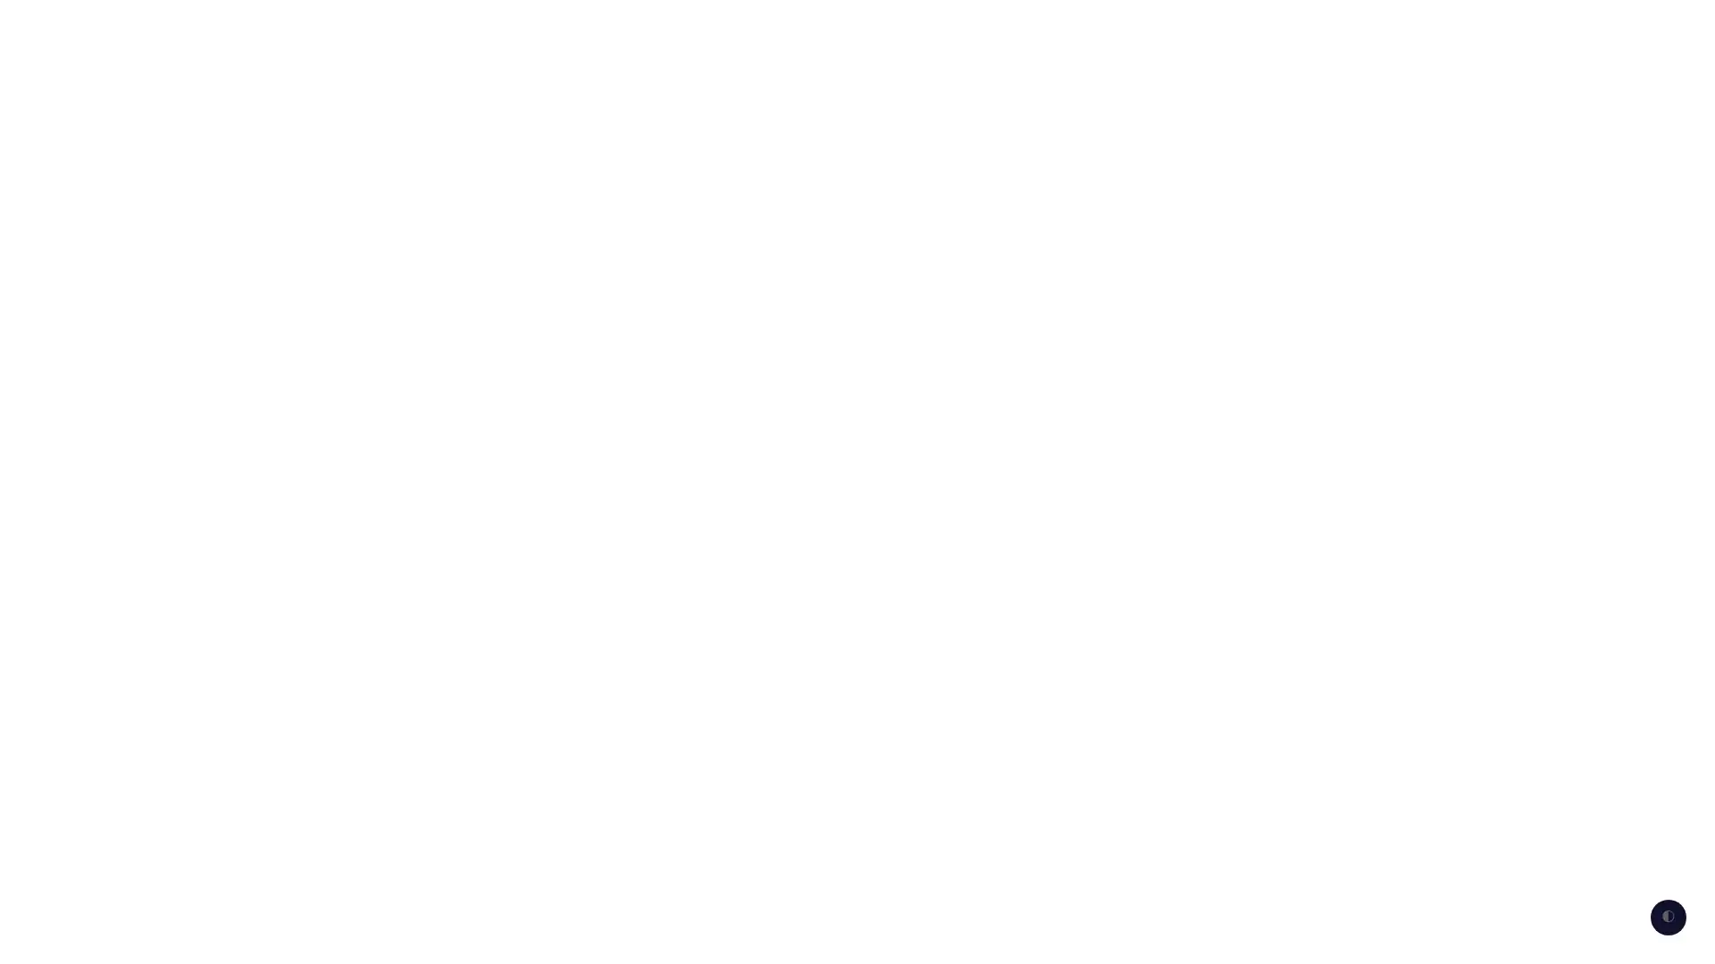 The width and height of the screenshot is (1715, 964). I want to click on About, so click(1513, 27).